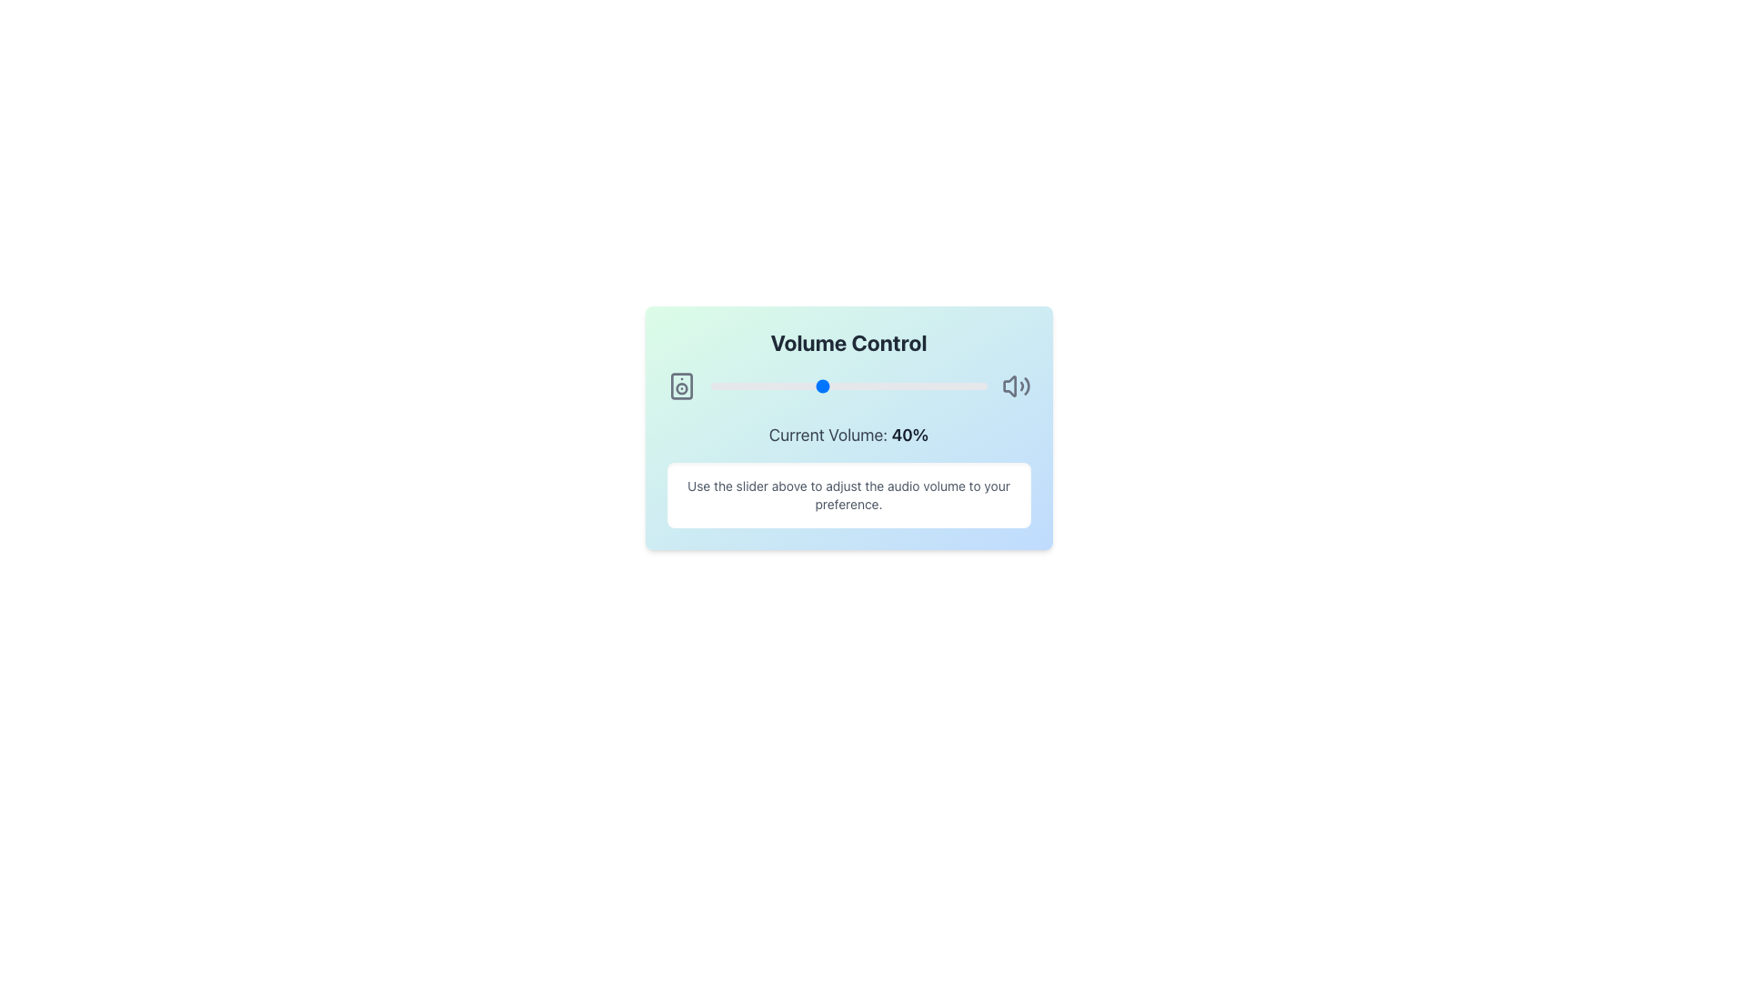 The height and width of the screenshot is (982, 1746). Describe the element at coordinates (890, 385) in the screenshot. I see `the volume level` at that location.